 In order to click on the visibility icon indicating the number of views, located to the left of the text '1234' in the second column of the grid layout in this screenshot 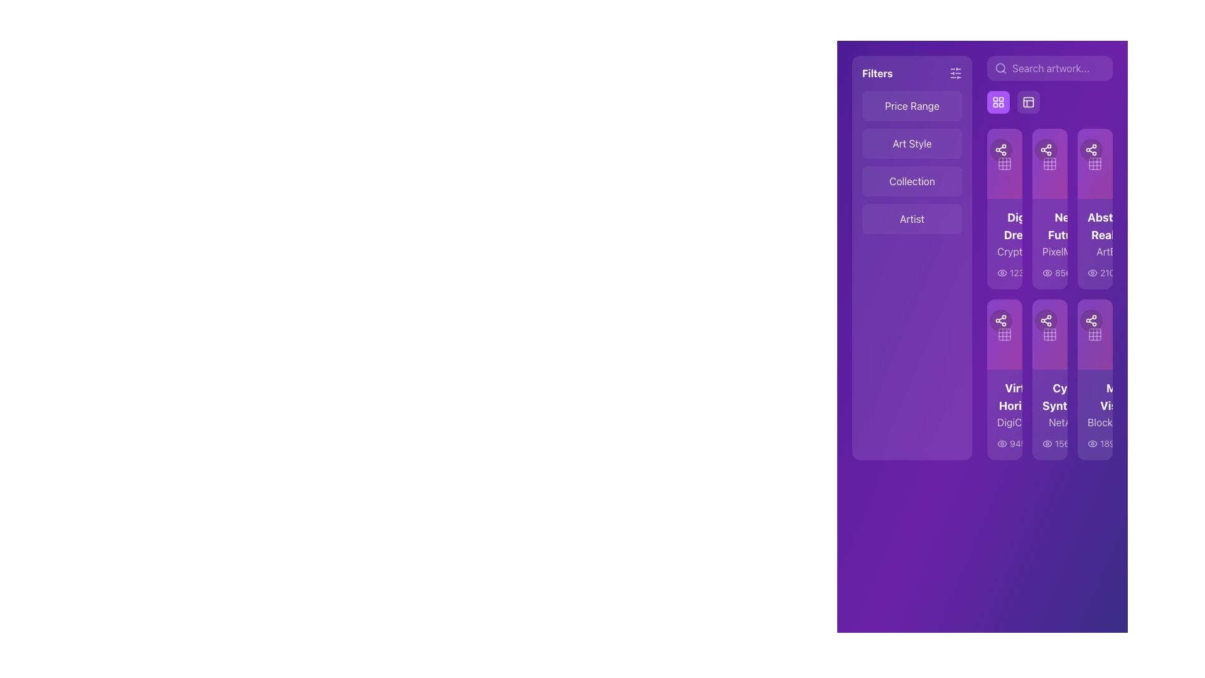, I will do `click(1002, 272)`.